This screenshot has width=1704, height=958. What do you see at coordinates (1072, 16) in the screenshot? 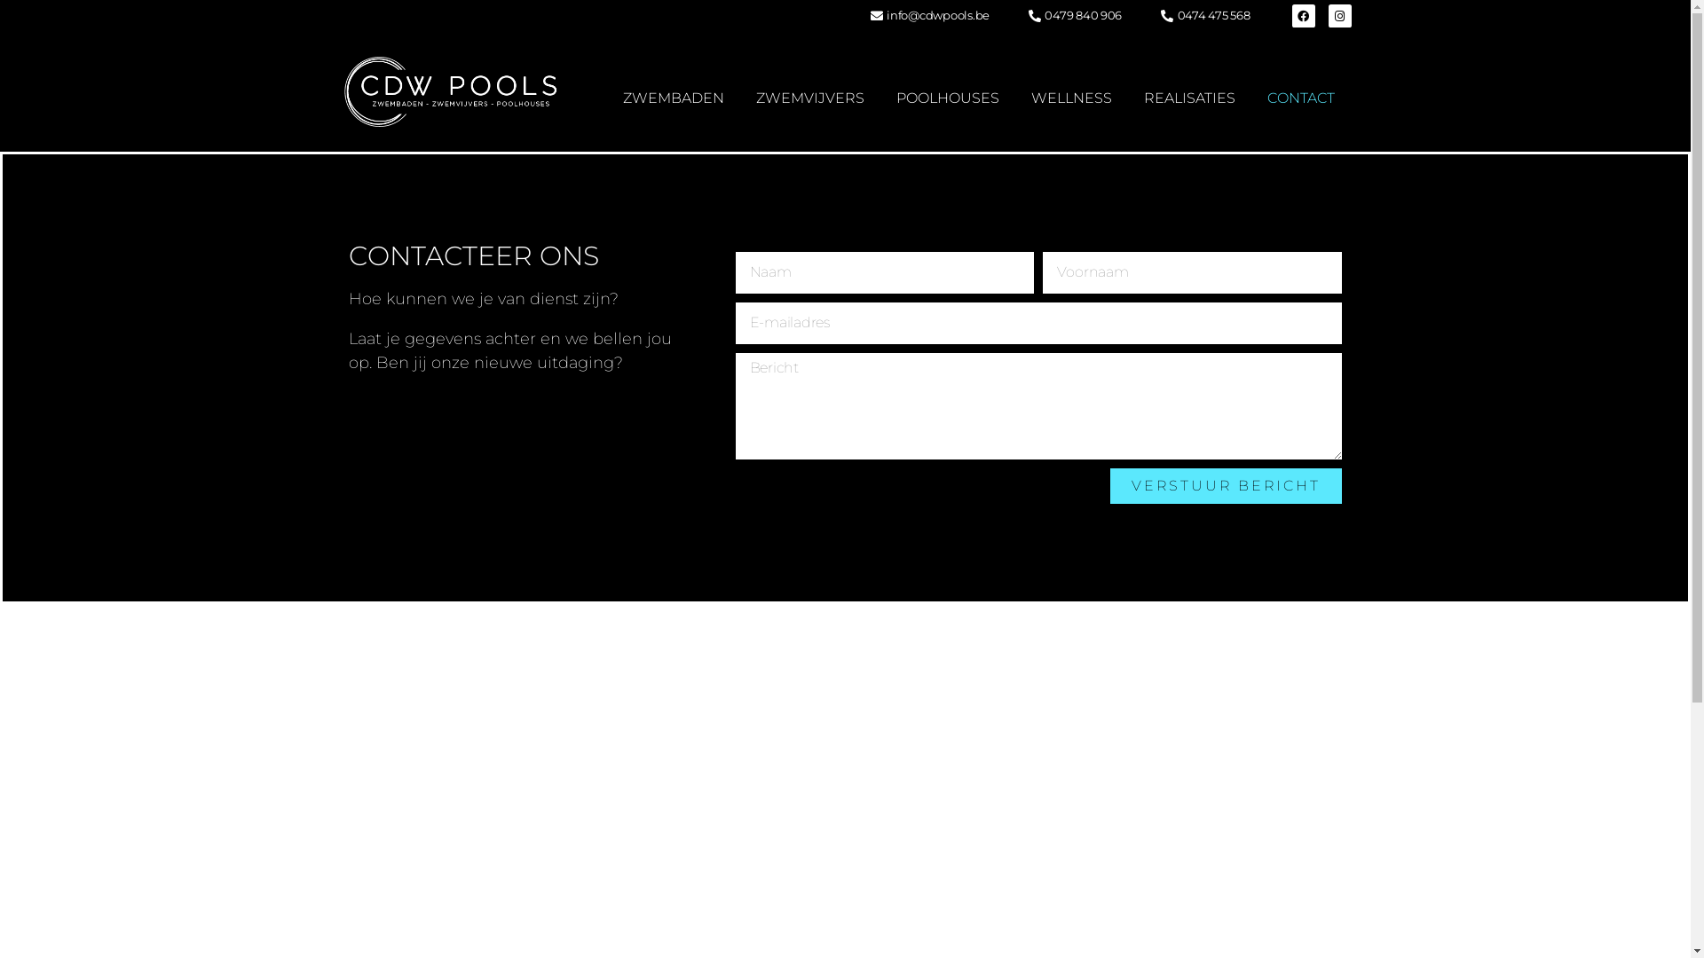
I see `'0479 840 906'` at bounding box center [1072, 16].